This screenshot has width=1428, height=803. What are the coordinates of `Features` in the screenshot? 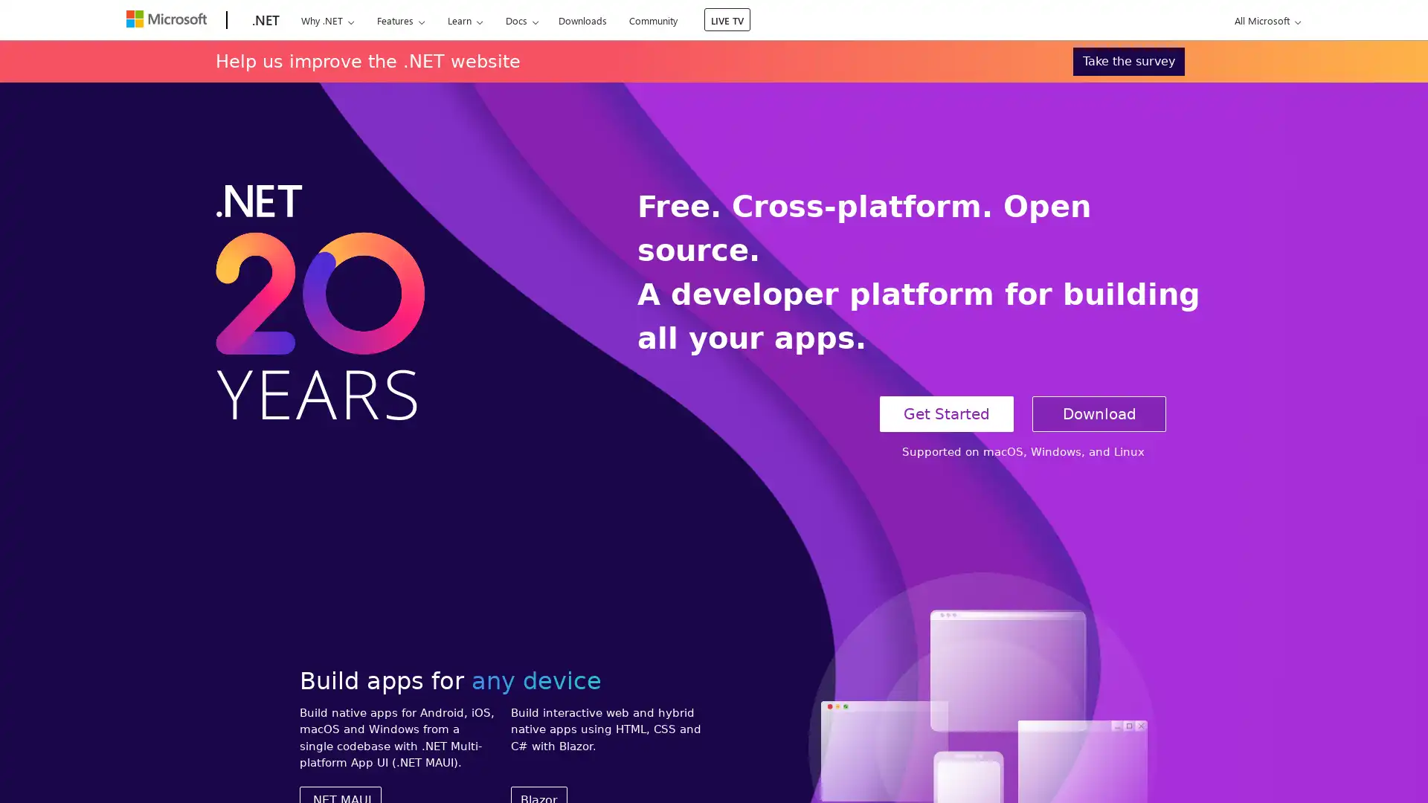 It's located at (400, 20).